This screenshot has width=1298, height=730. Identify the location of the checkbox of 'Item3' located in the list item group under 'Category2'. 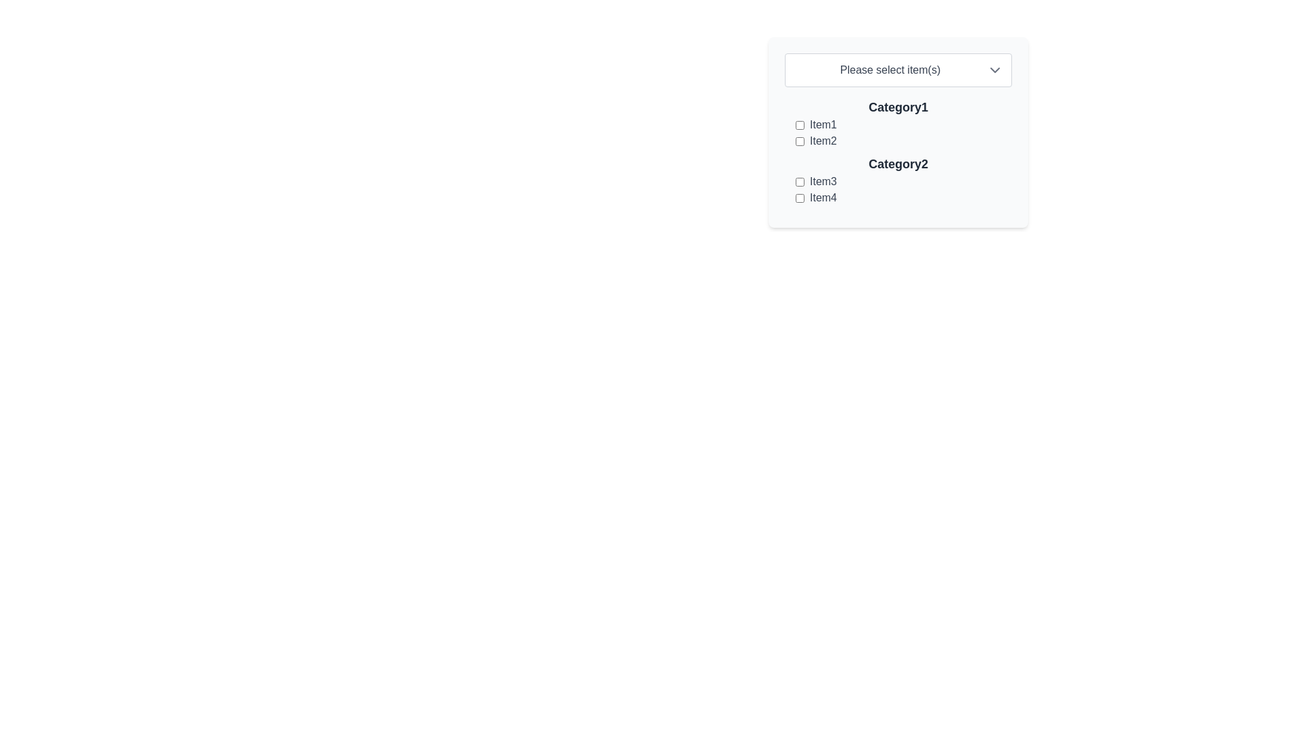
(898, 190).